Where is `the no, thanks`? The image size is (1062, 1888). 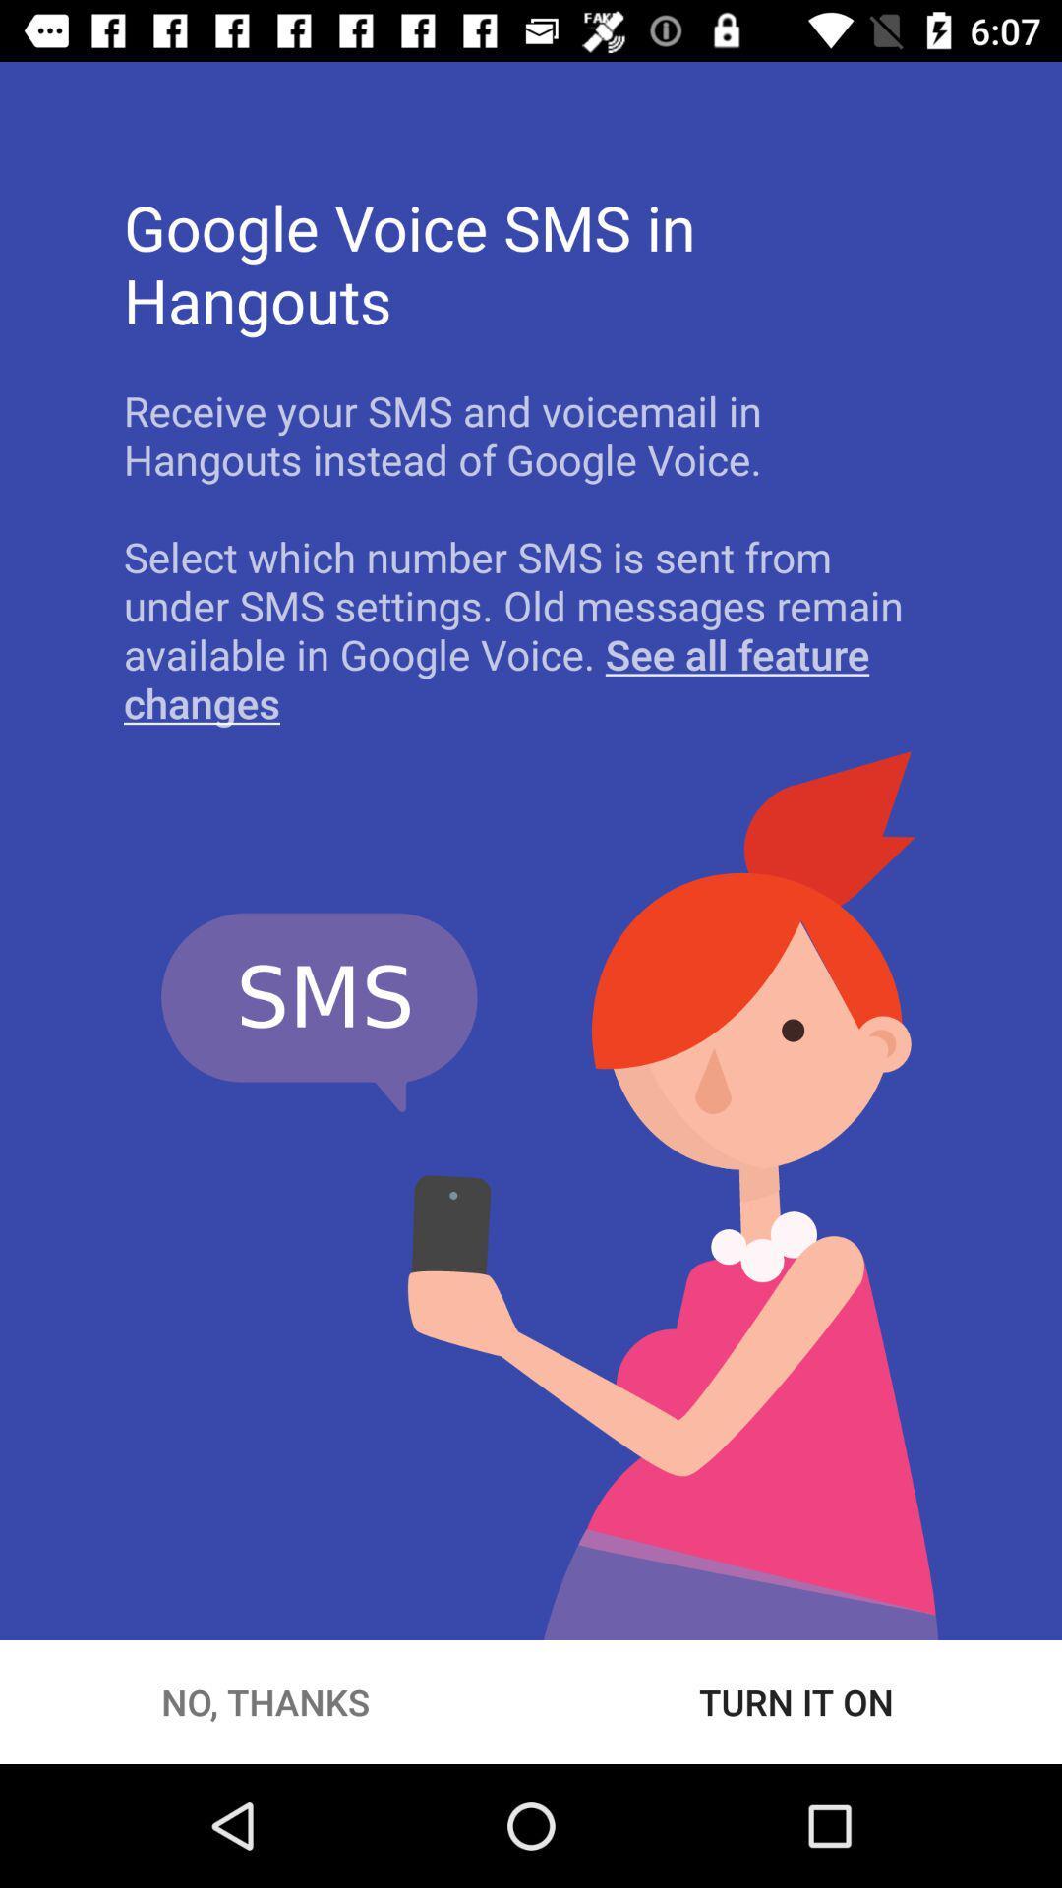
the no, thanks is located at coordinates (265, 1701).